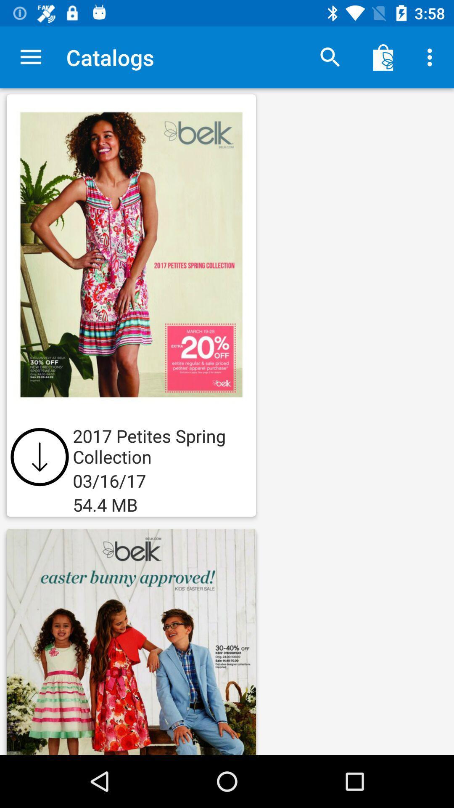 The width and height of the screenshot is (454, 808). Describe the element at coordinates (30, 57) in the screenshot. I see `the item to the left of catalogs item` at that location.